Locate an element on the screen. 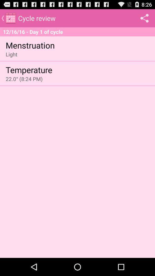 The width and height of the screenshot is (155, 276). 22 0 8 app is located at coordinates (24, 78).